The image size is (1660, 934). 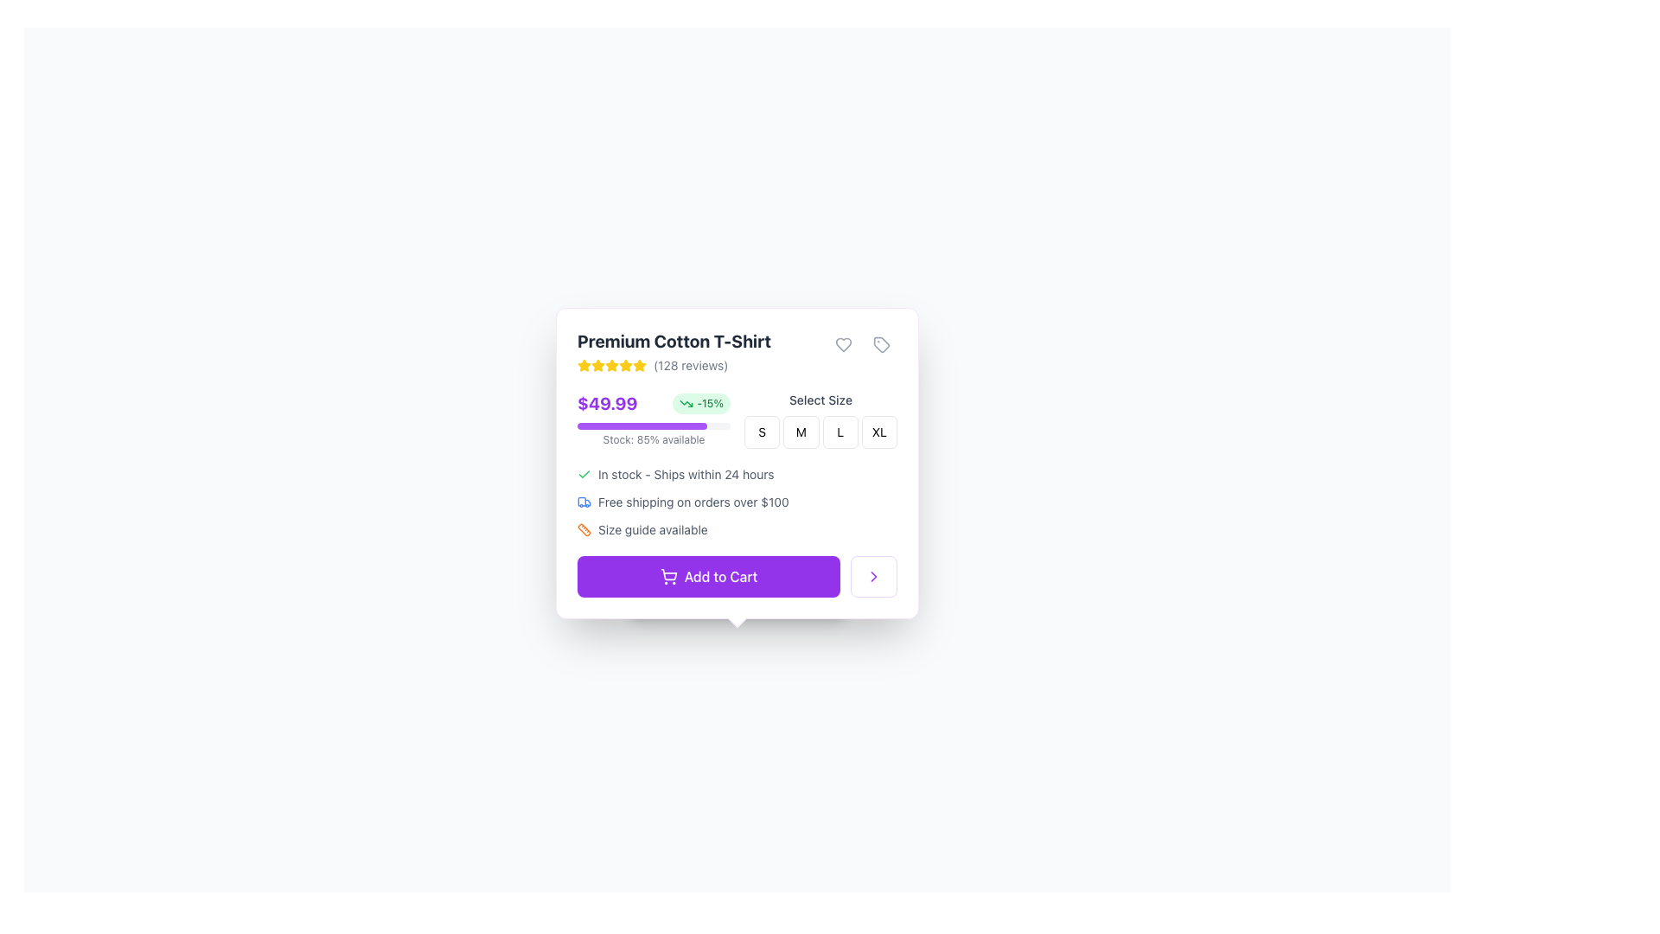 I want to click on the text snippet stating 'In stock - Ships within 24 hours', which is styled in a smaller gray font and located to the right of a green checkmark icon, so click(x=685, y=474).